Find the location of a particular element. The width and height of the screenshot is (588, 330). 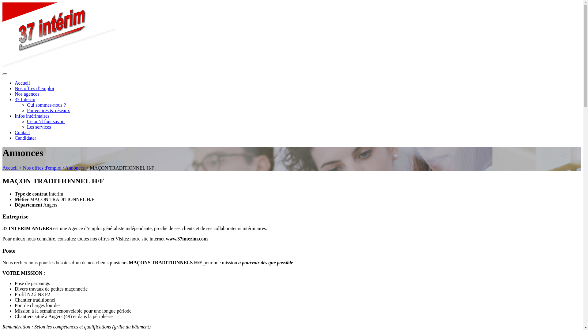

'Qui sommes-nous ?' is located at coordinates (26, 105).